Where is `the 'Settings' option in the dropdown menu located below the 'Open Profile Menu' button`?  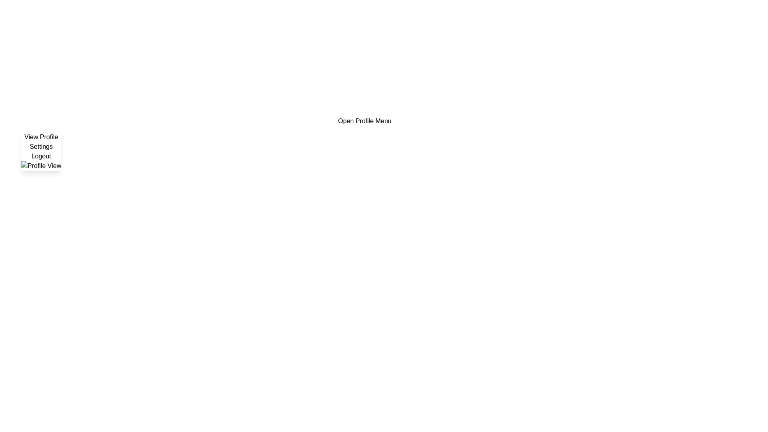
the 'Settings' option in the dropdown menu located below the 'Open Profile Menu' button is located at coordinates (40, 151).